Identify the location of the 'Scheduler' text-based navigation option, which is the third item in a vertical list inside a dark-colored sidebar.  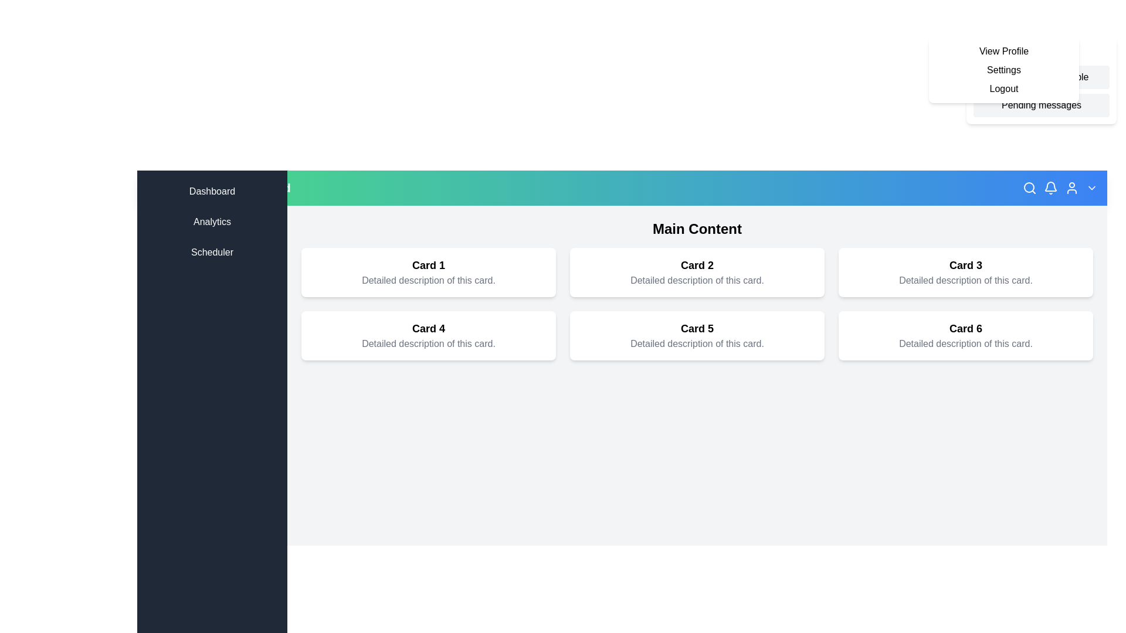
(212, 252).